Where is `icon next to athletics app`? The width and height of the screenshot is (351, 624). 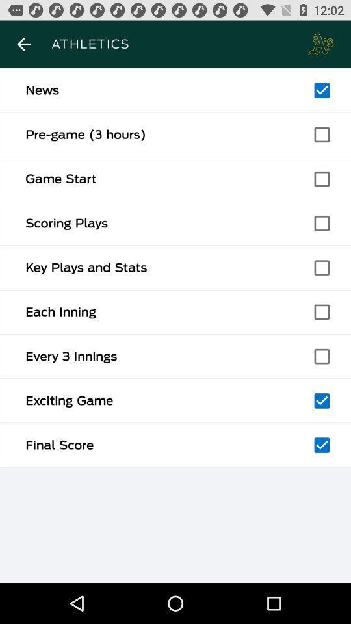 icon next to athletics app is located at coordinates (23, 44).